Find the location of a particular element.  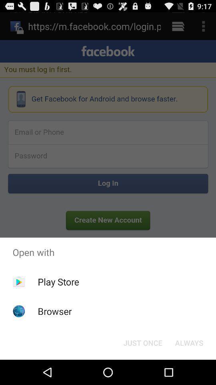

the always at the bottom right corner is located at coordinates (189, 342).